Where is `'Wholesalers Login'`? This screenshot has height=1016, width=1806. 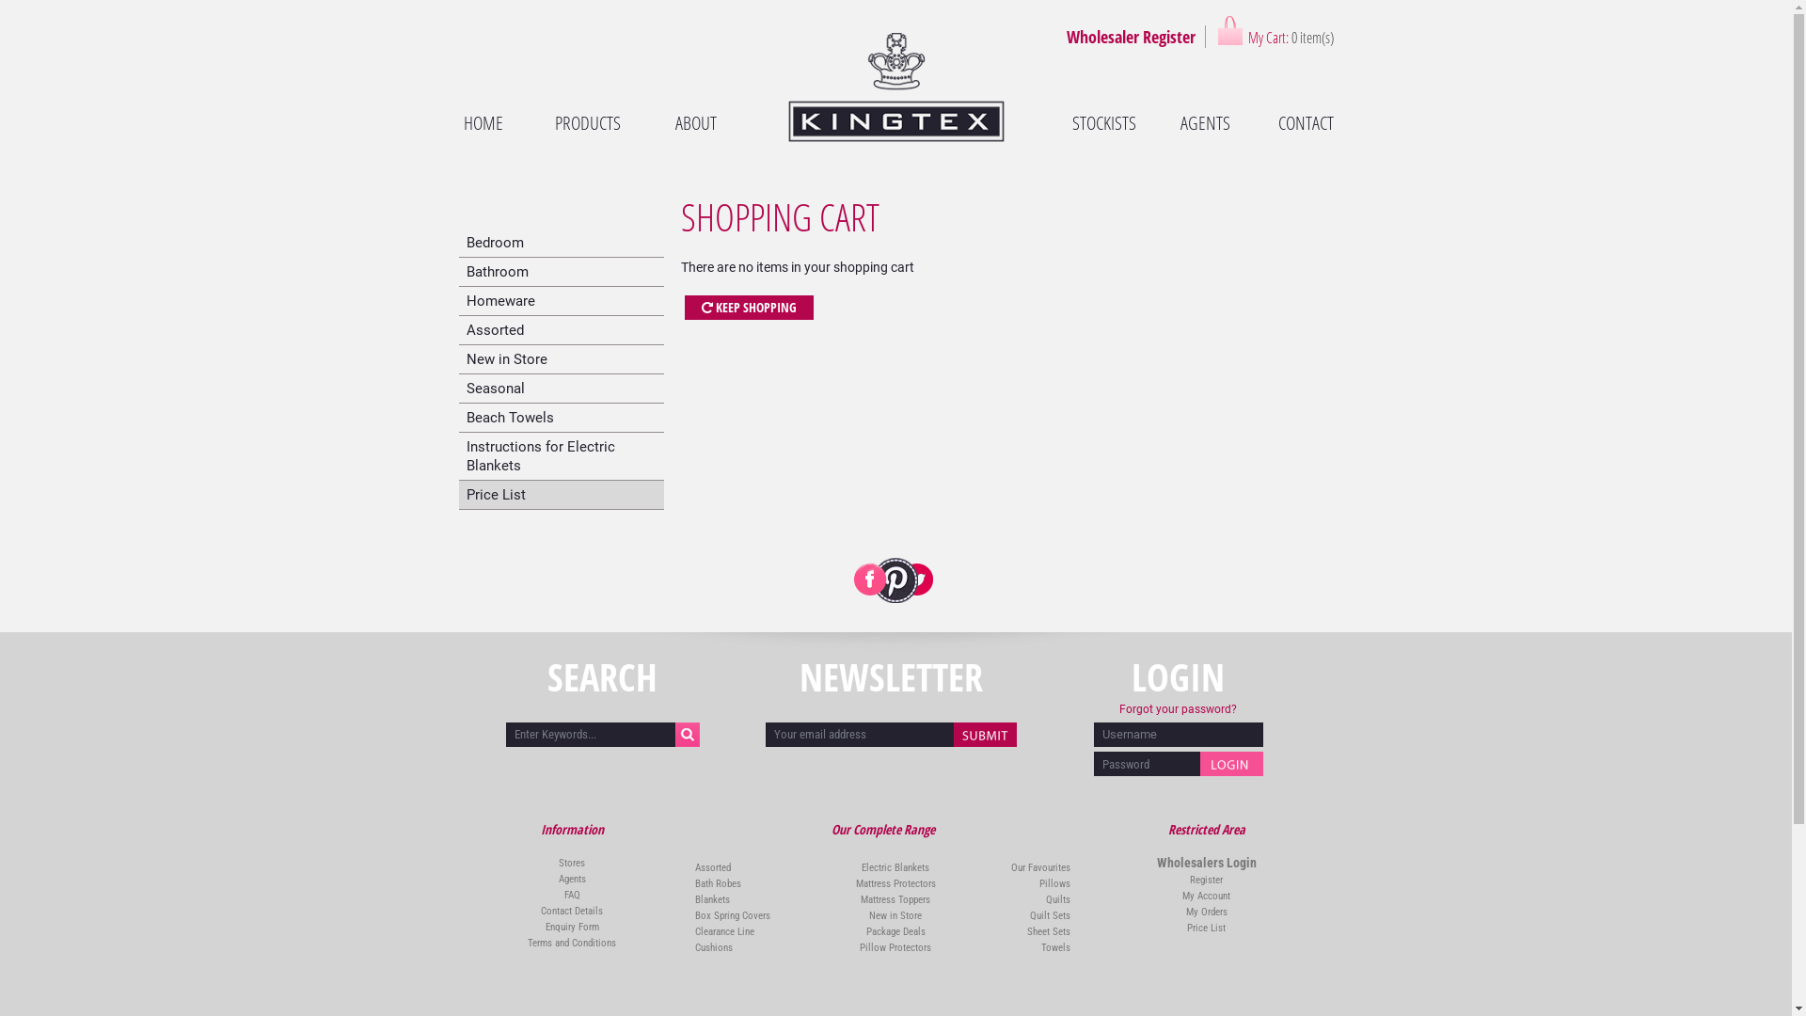 'Wholesalers Login' is located at coordinates (1206, 863).